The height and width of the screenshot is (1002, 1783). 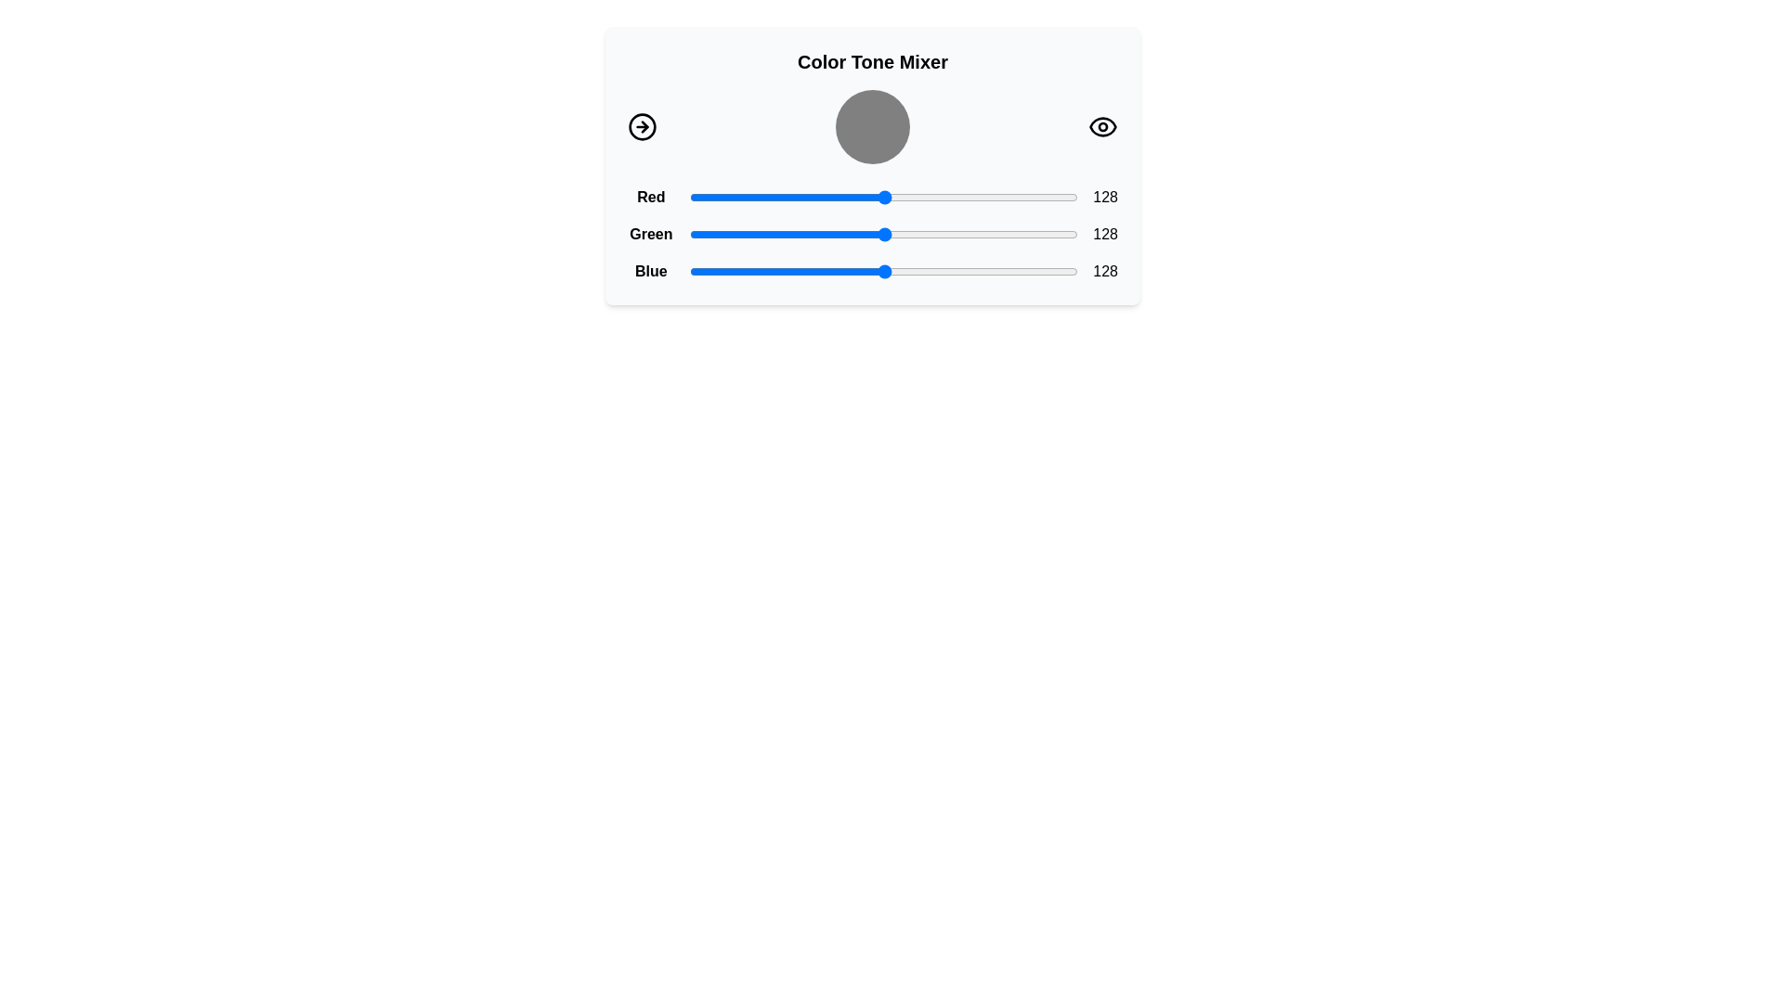 I want to click on the slider value, so click(x=895, y=272).